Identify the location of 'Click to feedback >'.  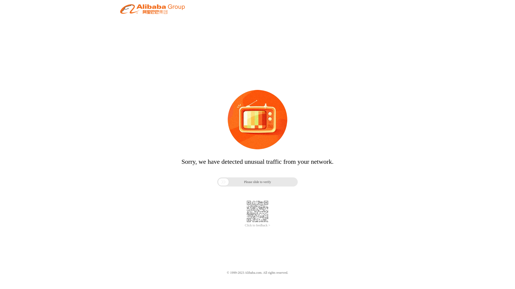
(257, 225).